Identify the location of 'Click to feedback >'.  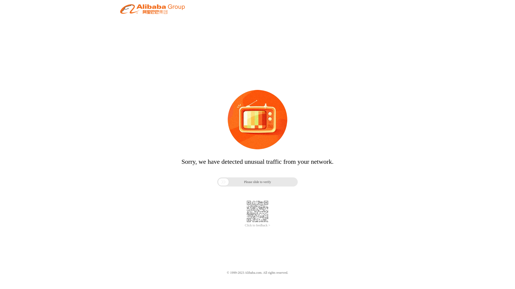
(257, 225).